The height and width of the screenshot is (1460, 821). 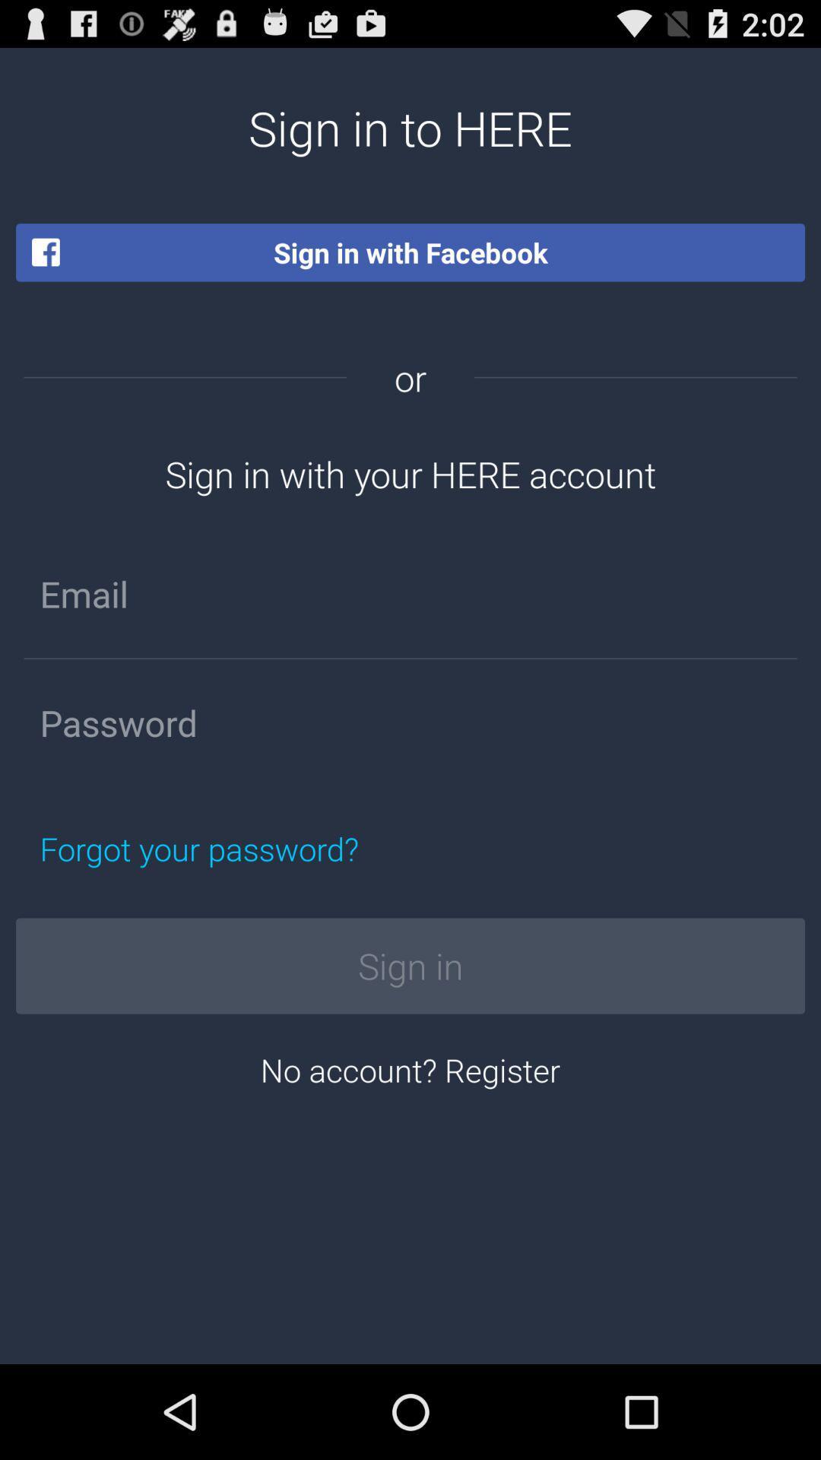 I want to click on your email, so click(x=410, y=593).